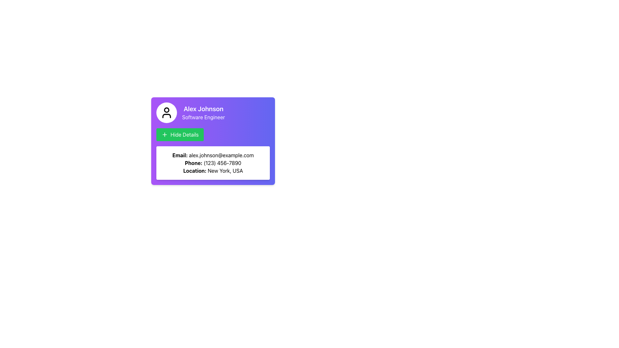  I want to click on the third text entry in the user profile display card that presents the user's location information, so click(213, 170).